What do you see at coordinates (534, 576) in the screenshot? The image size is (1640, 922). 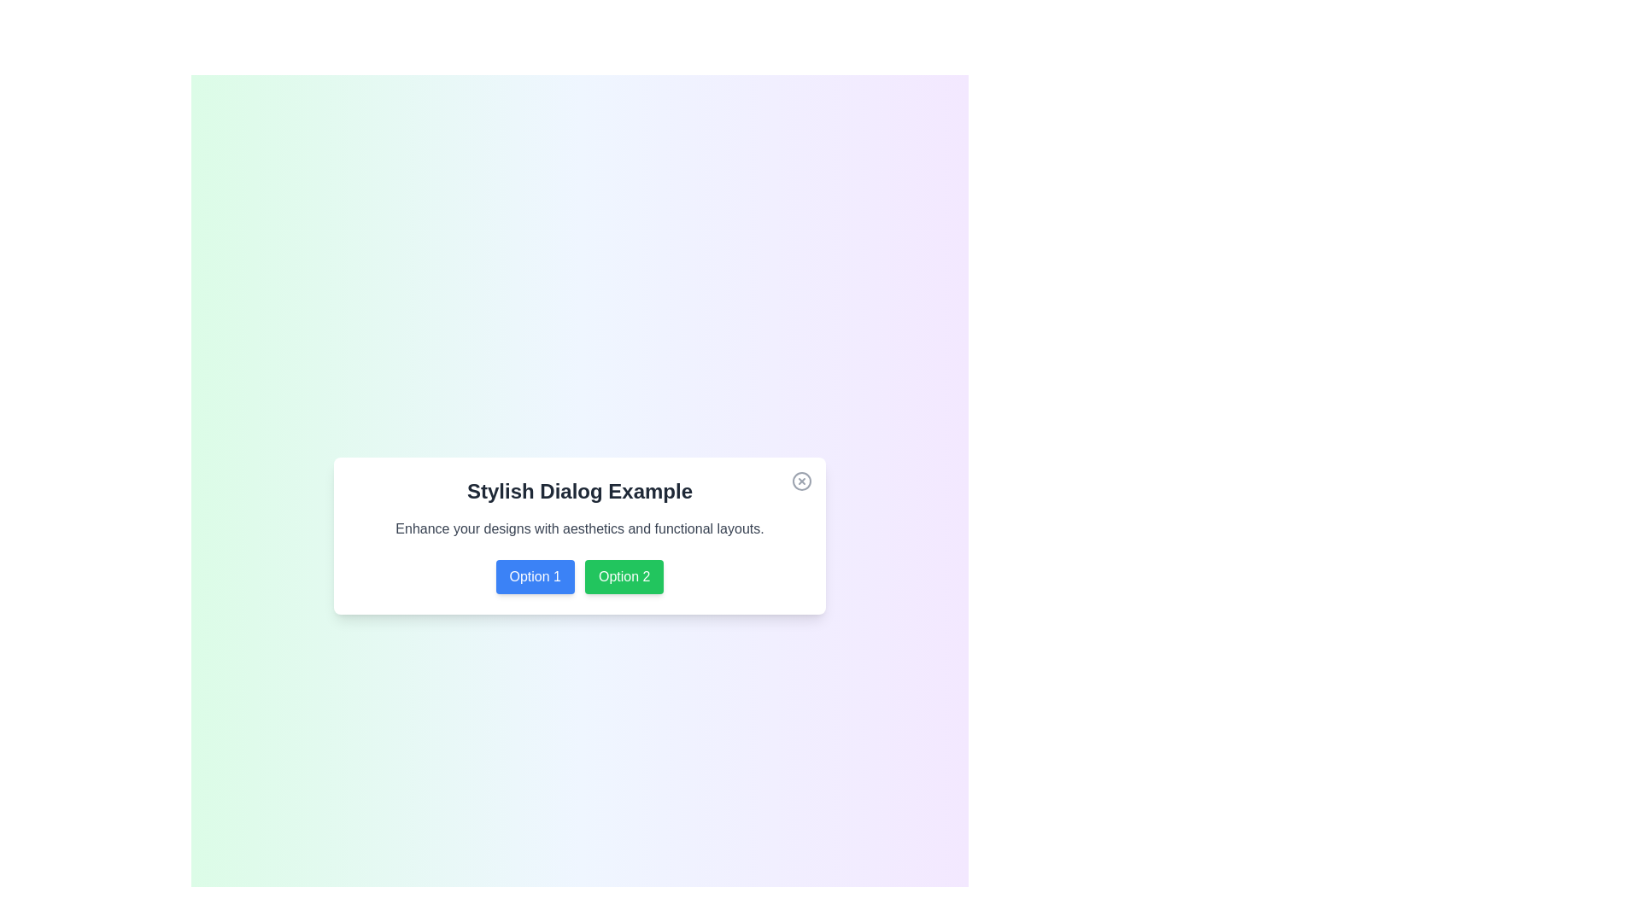 I see `'Option 1' button to trigger its associated action` at bounding box center [534, 576].